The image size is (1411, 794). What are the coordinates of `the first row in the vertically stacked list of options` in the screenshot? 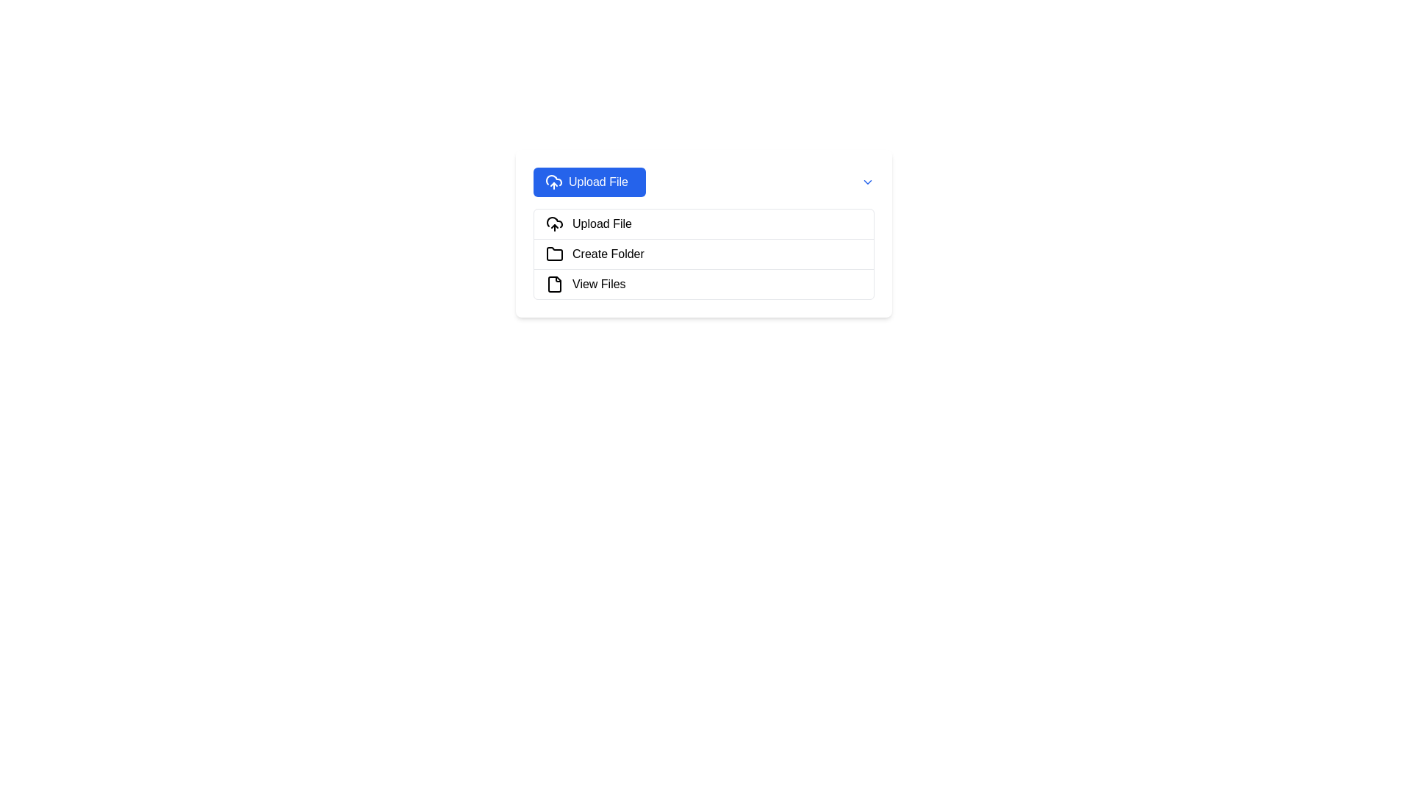 It's located at (703, 223).